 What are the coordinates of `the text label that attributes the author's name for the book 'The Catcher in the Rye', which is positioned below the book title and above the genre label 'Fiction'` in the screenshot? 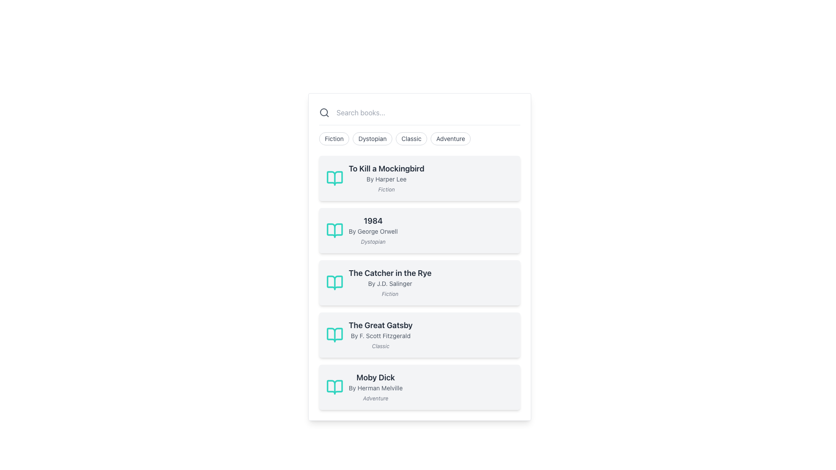 It's located at (390, 283).